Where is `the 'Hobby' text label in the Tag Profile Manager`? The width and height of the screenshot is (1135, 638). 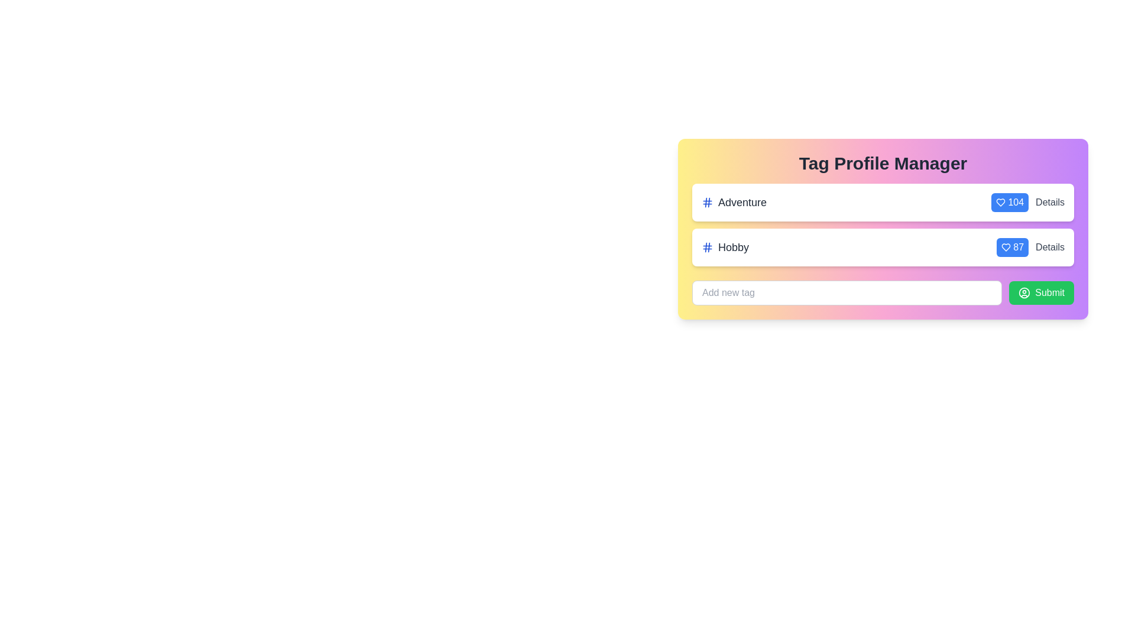
the 'Hobby' text label in the Tag Profile Manager is located at coordinates (733, 247).